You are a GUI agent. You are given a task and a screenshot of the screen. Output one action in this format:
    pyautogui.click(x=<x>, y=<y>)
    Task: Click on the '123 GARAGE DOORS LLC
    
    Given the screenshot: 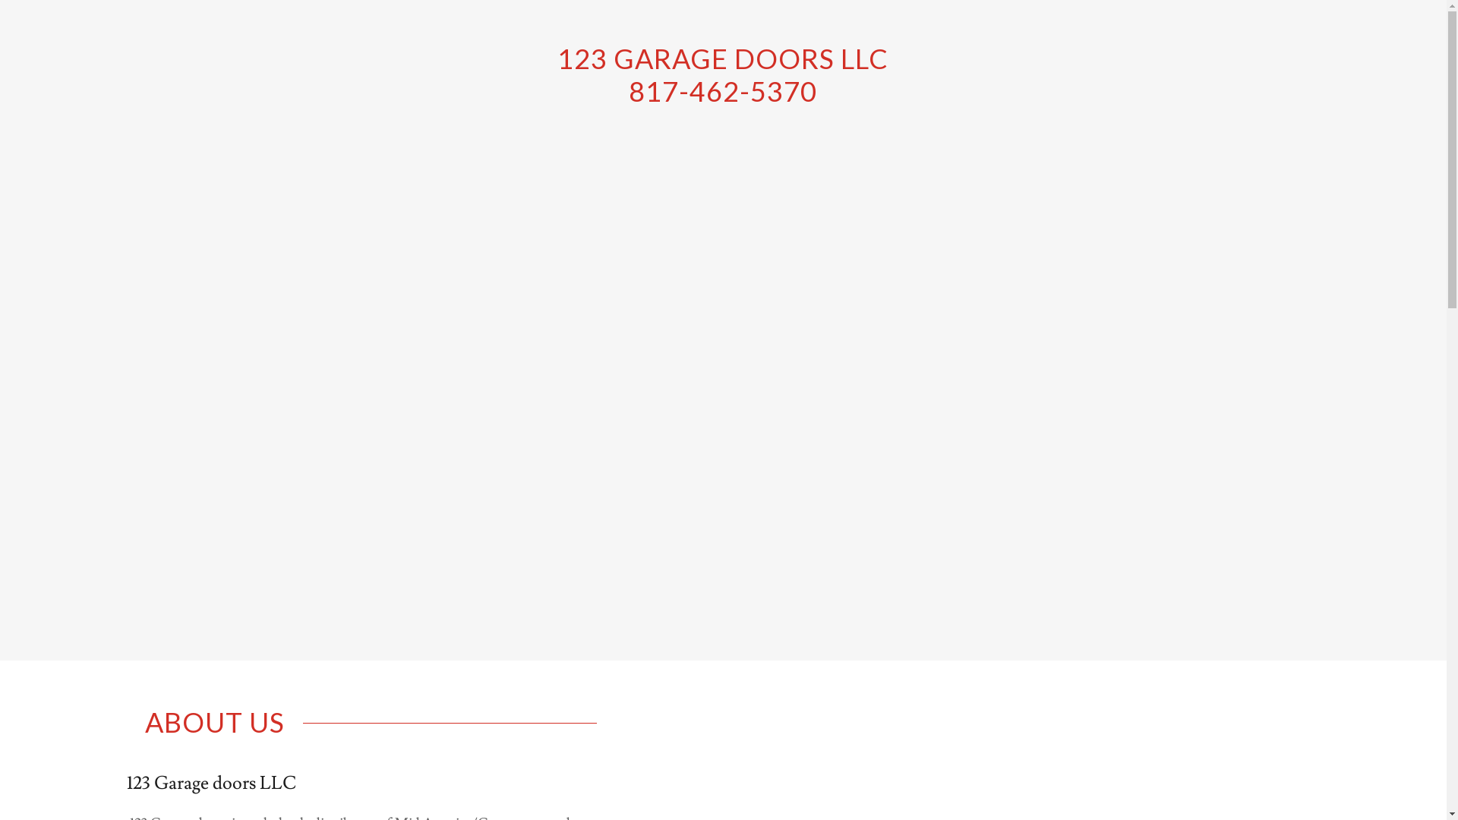 What is the action you would take?
    pyautogui.click(x=721, y=97)
    